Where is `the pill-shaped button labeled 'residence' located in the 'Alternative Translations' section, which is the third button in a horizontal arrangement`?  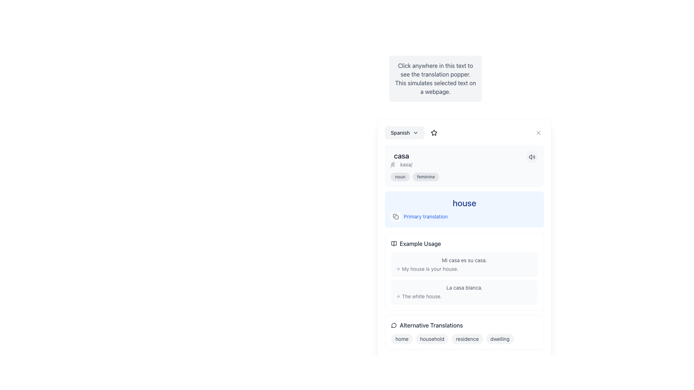
the pill-shaped button labeled 'residence' located in the 'Alternative Translations' section, which is the third button in a horizontal arrangement is located at coordinates (467, 339).